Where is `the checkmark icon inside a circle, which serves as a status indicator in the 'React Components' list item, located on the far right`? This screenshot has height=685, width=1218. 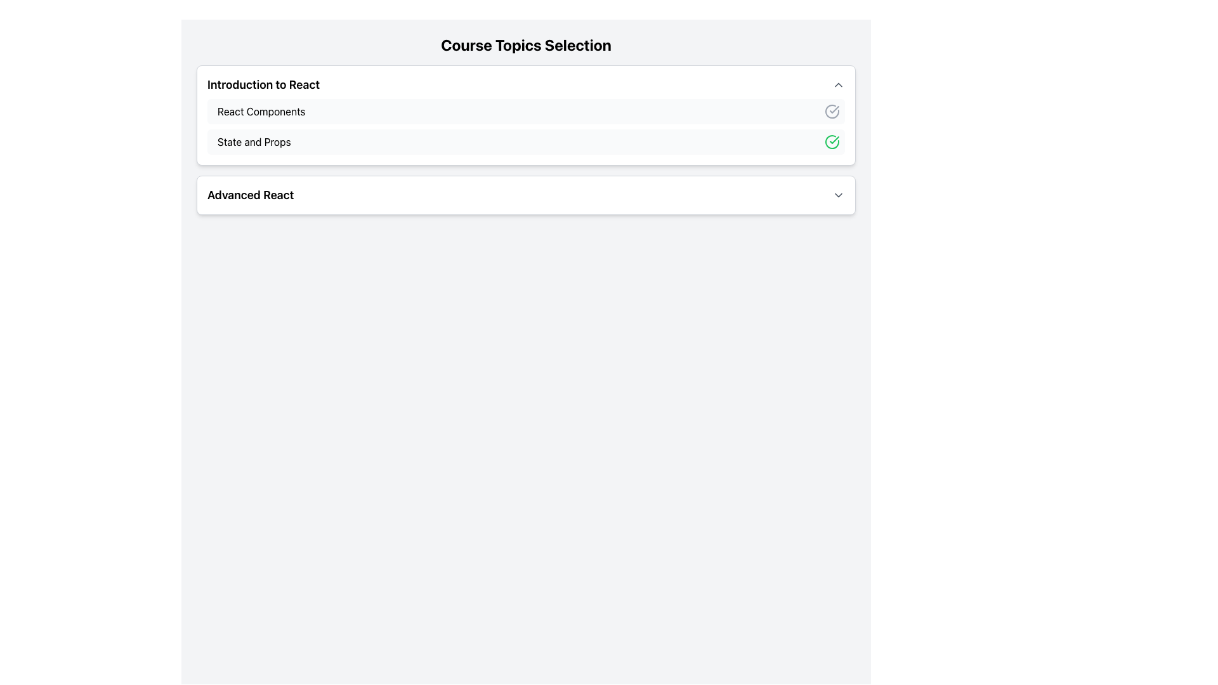
the checkmark icon inside a circle, which serves as a status indicator in the 'React Components' list item, located on the far right is located at coordinates (832, 111).